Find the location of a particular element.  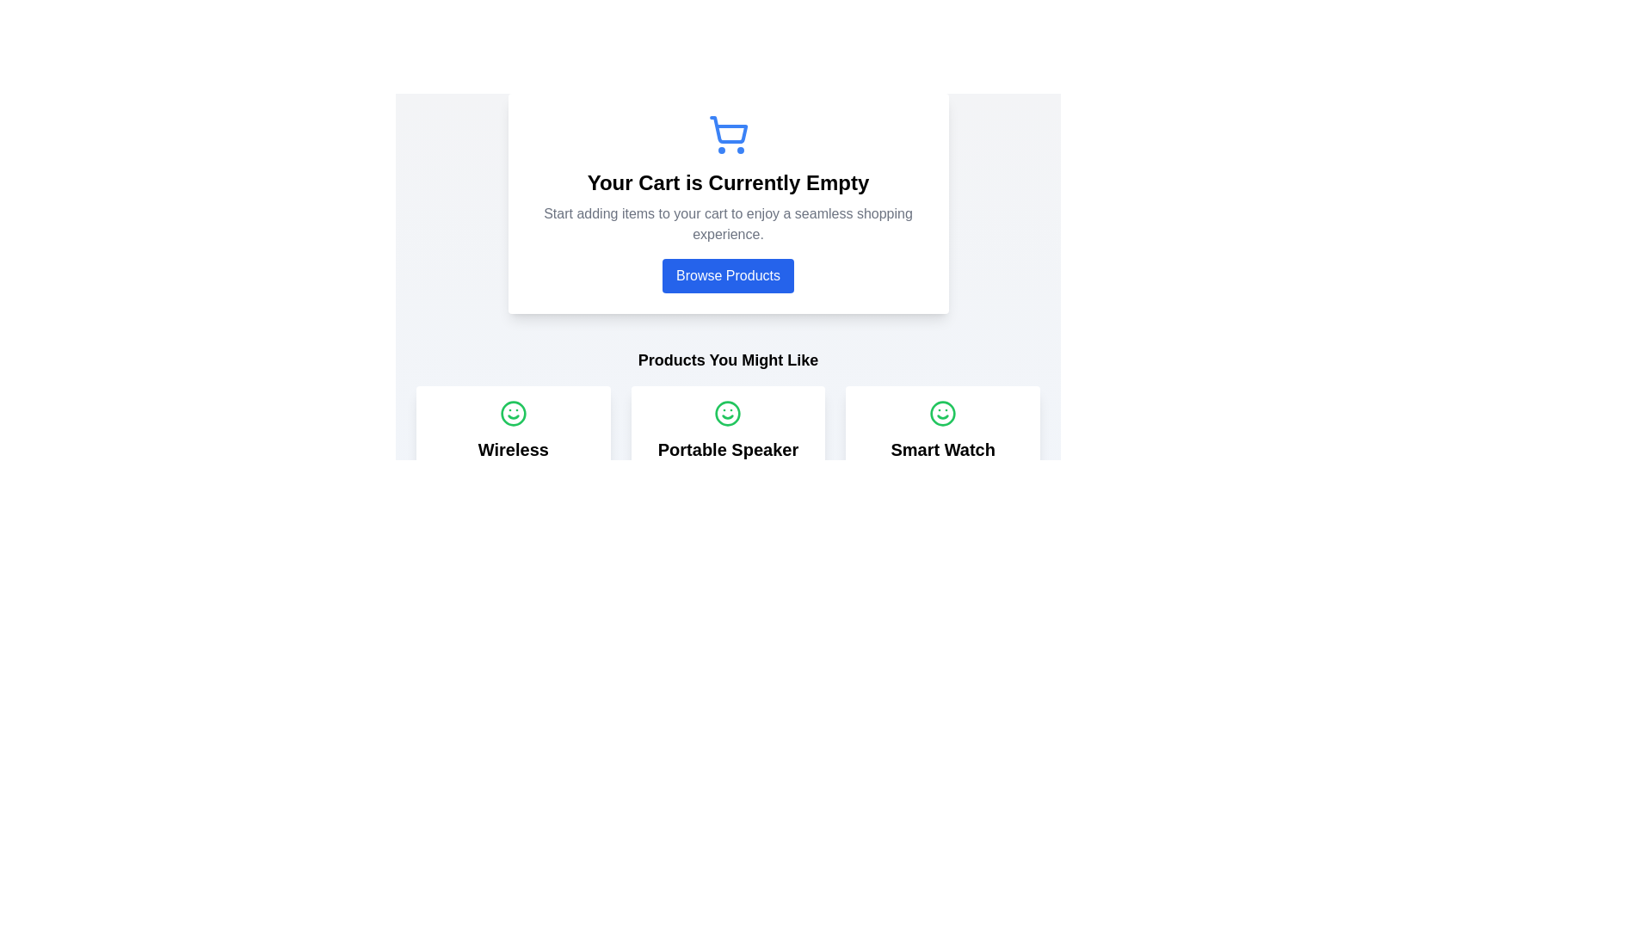

the text label displaying 'Wireless Headphones', which is centrally positioned below a green smiley icon and above the price '$49.99' in the product card layout is located at coordinates (512, 460).